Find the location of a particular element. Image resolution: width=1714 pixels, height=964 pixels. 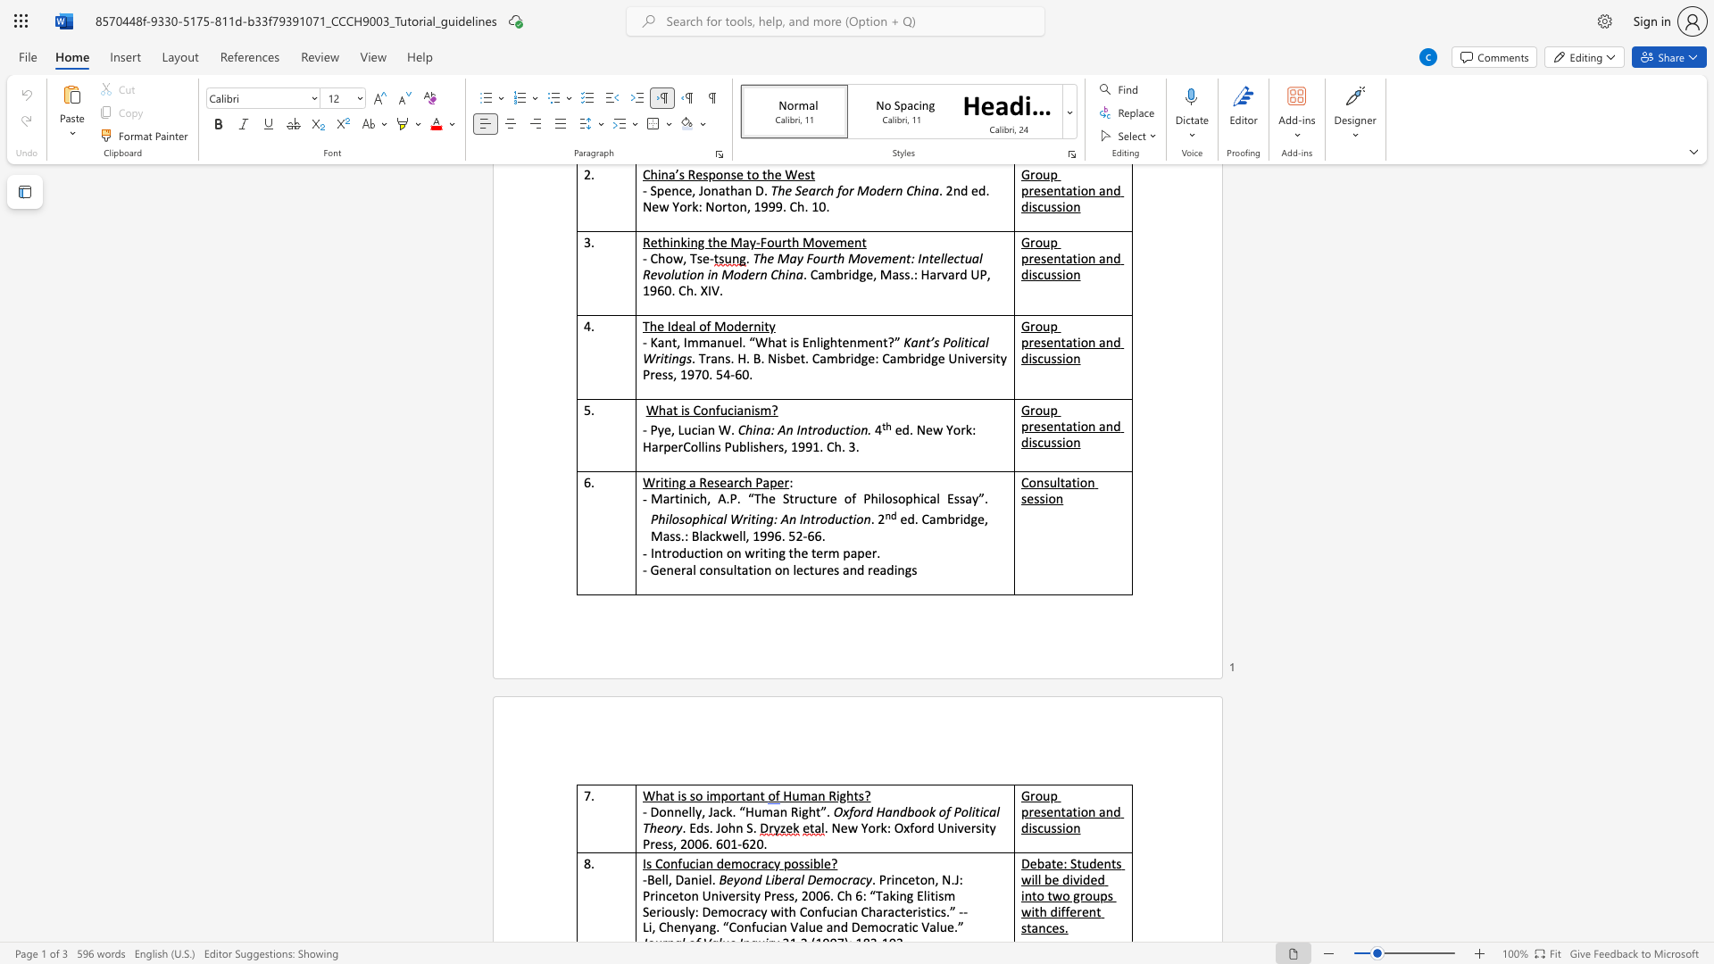

the subset text "n d" within the text "Is Confucian democracy possible?" is located at coordinates (704, 862).